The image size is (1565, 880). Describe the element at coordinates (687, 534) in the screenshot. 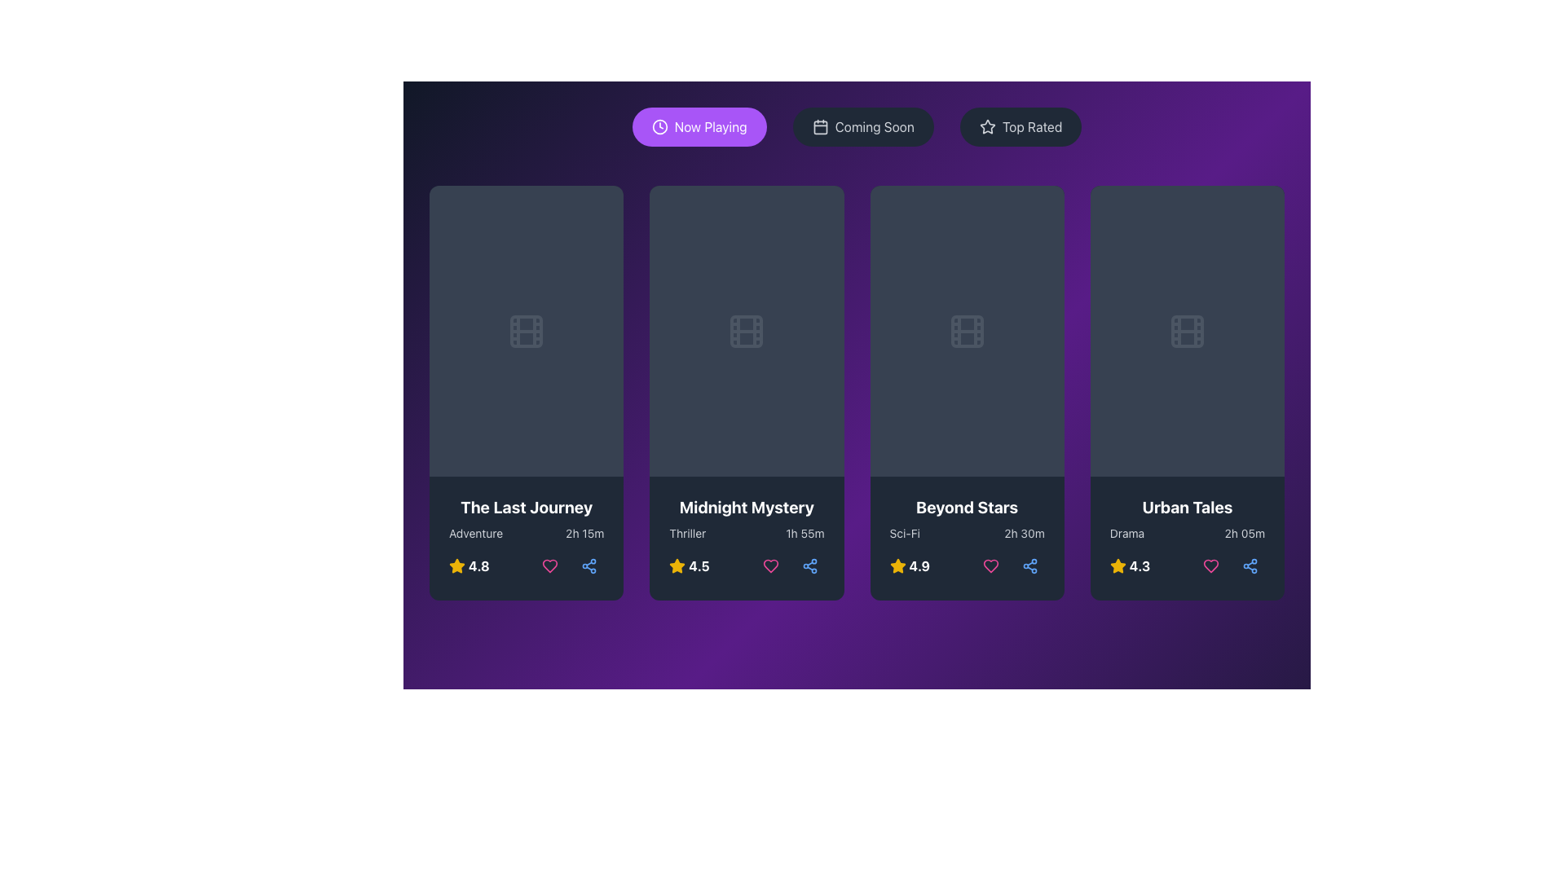

I see `the static text label displaying 'Thriller', which is the leftmost text in the bottom section of the 'Midnight Mystery' card` at that location.